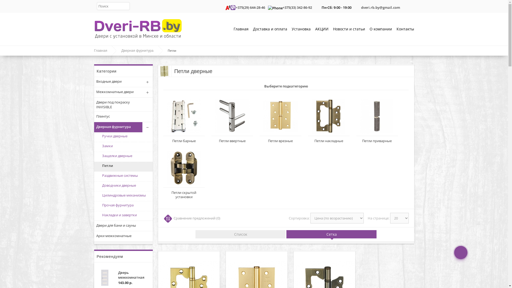 This screenshot has height=288, width=512. I want to click on '+375(33) 342-86-92', so click(297, 7).